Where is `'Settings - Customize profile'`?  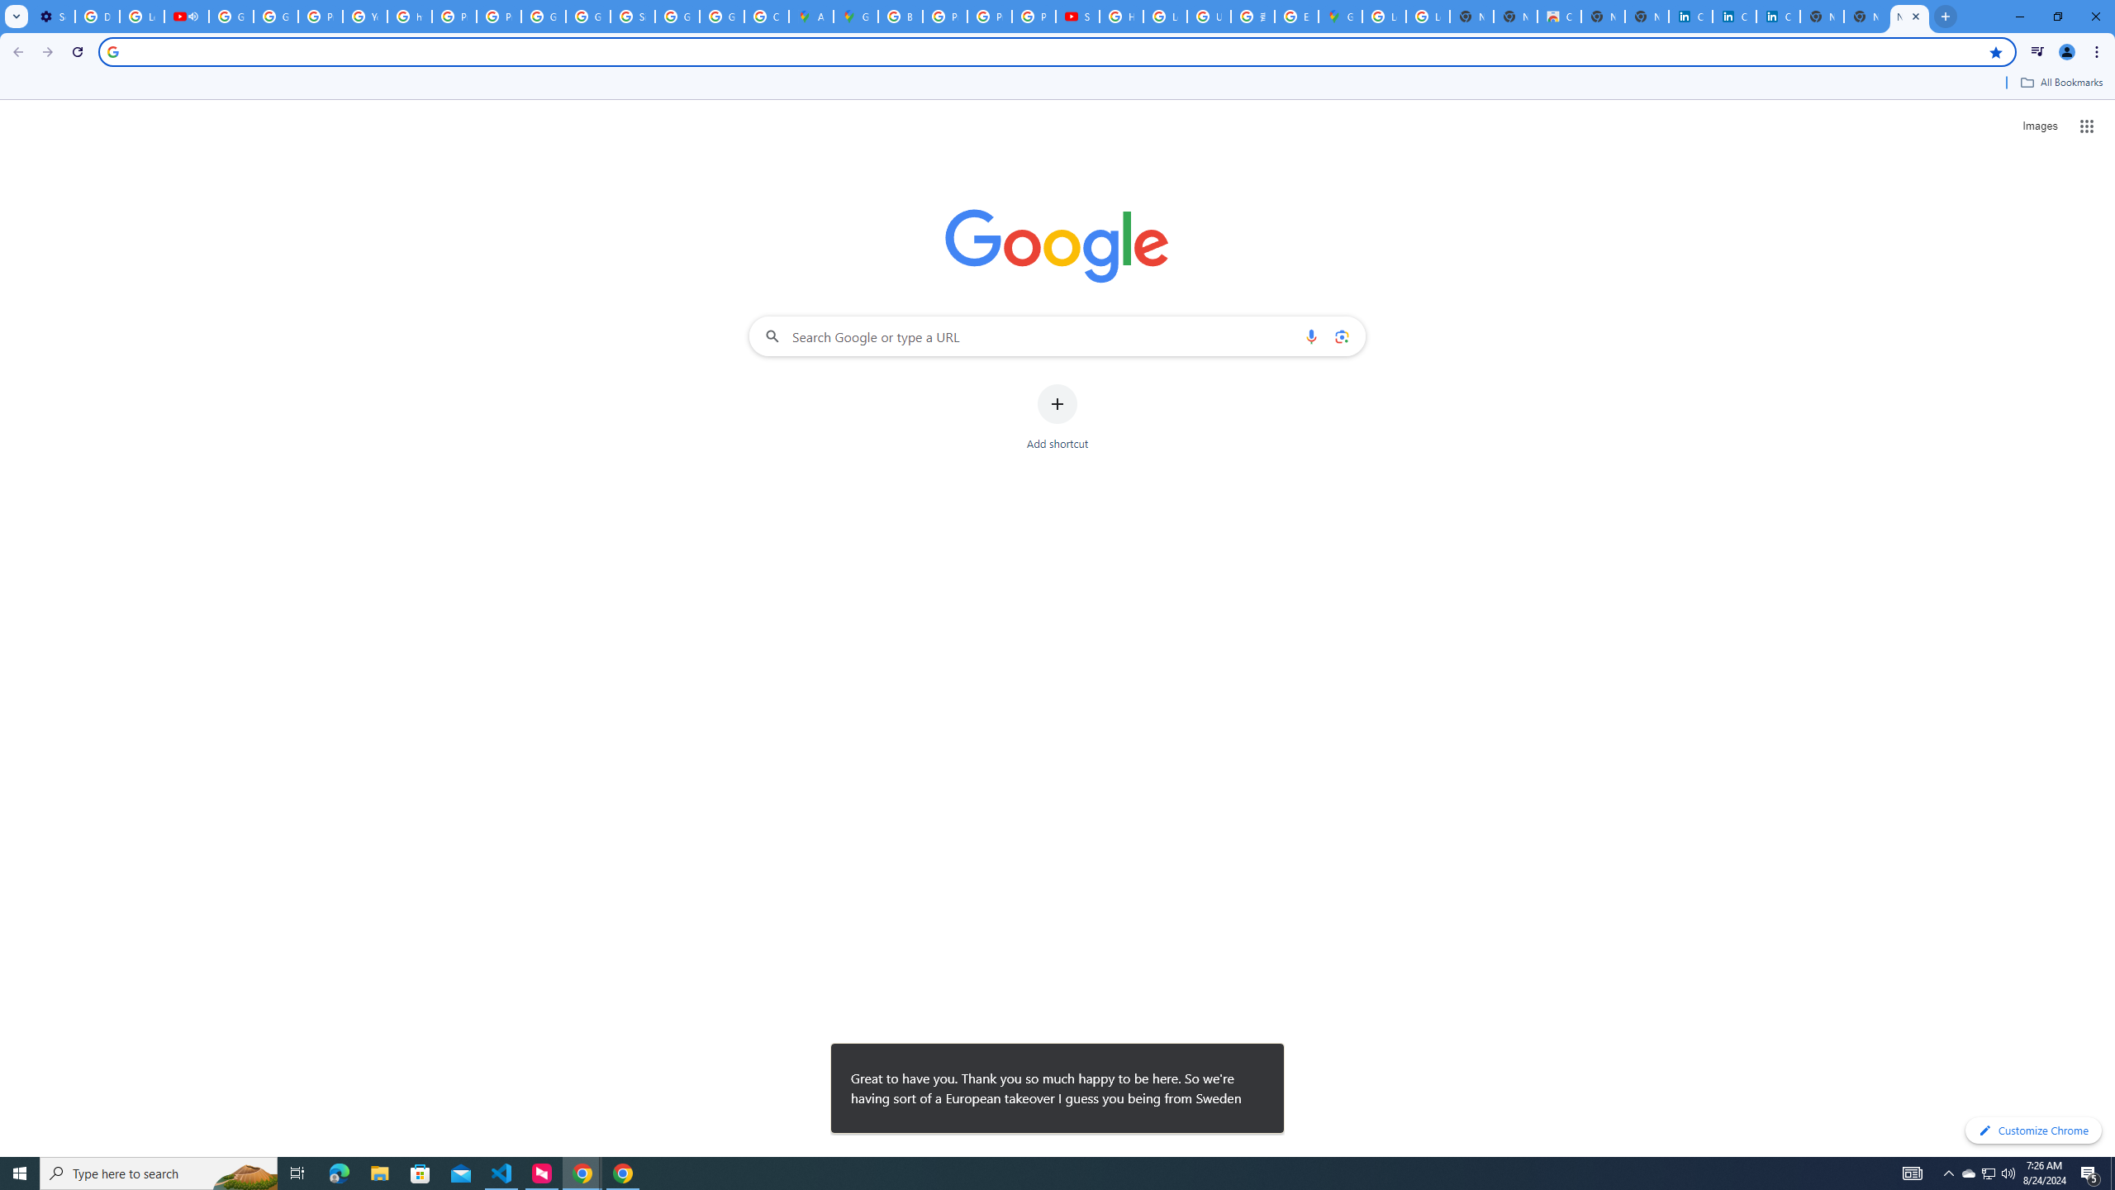 'Settings - Customize profile' is located at coordinates (53, 16).